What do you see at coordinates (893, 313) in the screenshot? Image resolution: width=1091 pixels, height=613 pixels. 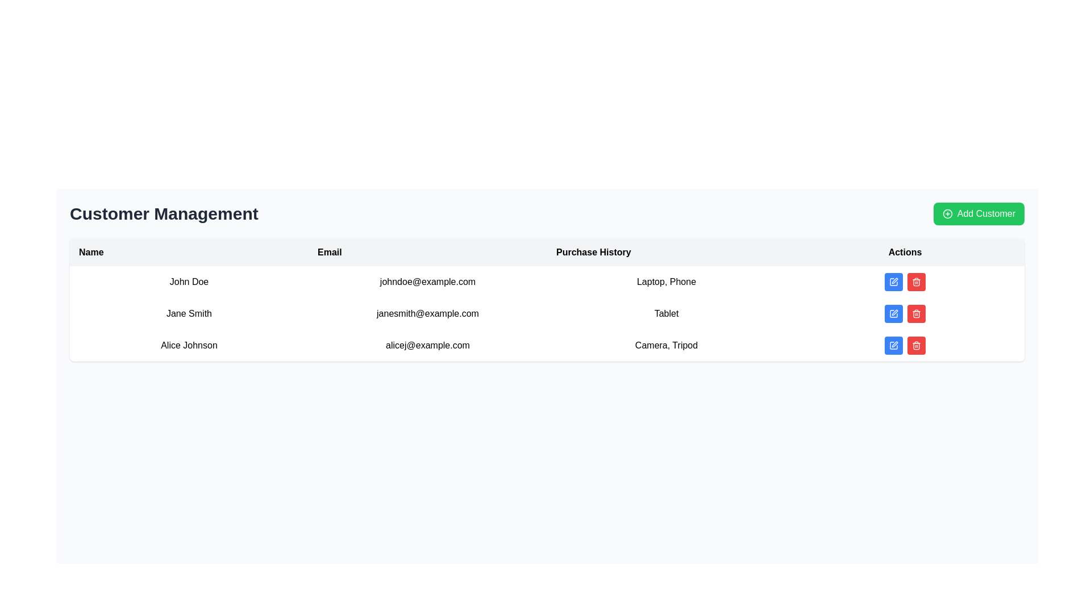 I see `the edit button located in the 'Actions' column, specifically the second button corresponding to 'Jane Smith'` at bounding box center [893, 313].